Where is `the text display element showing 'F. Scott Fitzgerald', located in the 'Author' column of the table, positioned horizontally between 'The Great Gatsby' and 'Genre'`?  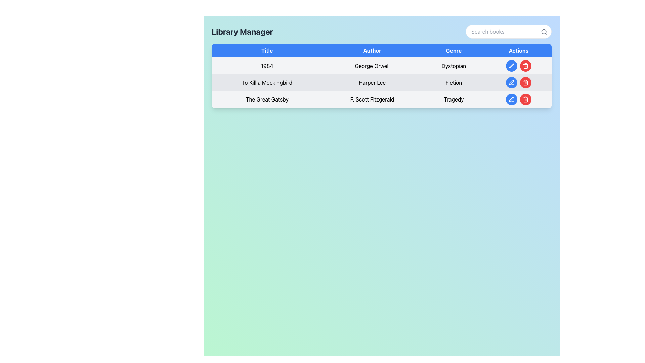
the text display element showing 'F. Scott Fitzgerald', located in the 'Author' column of the table, positioned horizontally between 'The Great Gatsby' and 'Genre' is located at coordinates (372, 99).